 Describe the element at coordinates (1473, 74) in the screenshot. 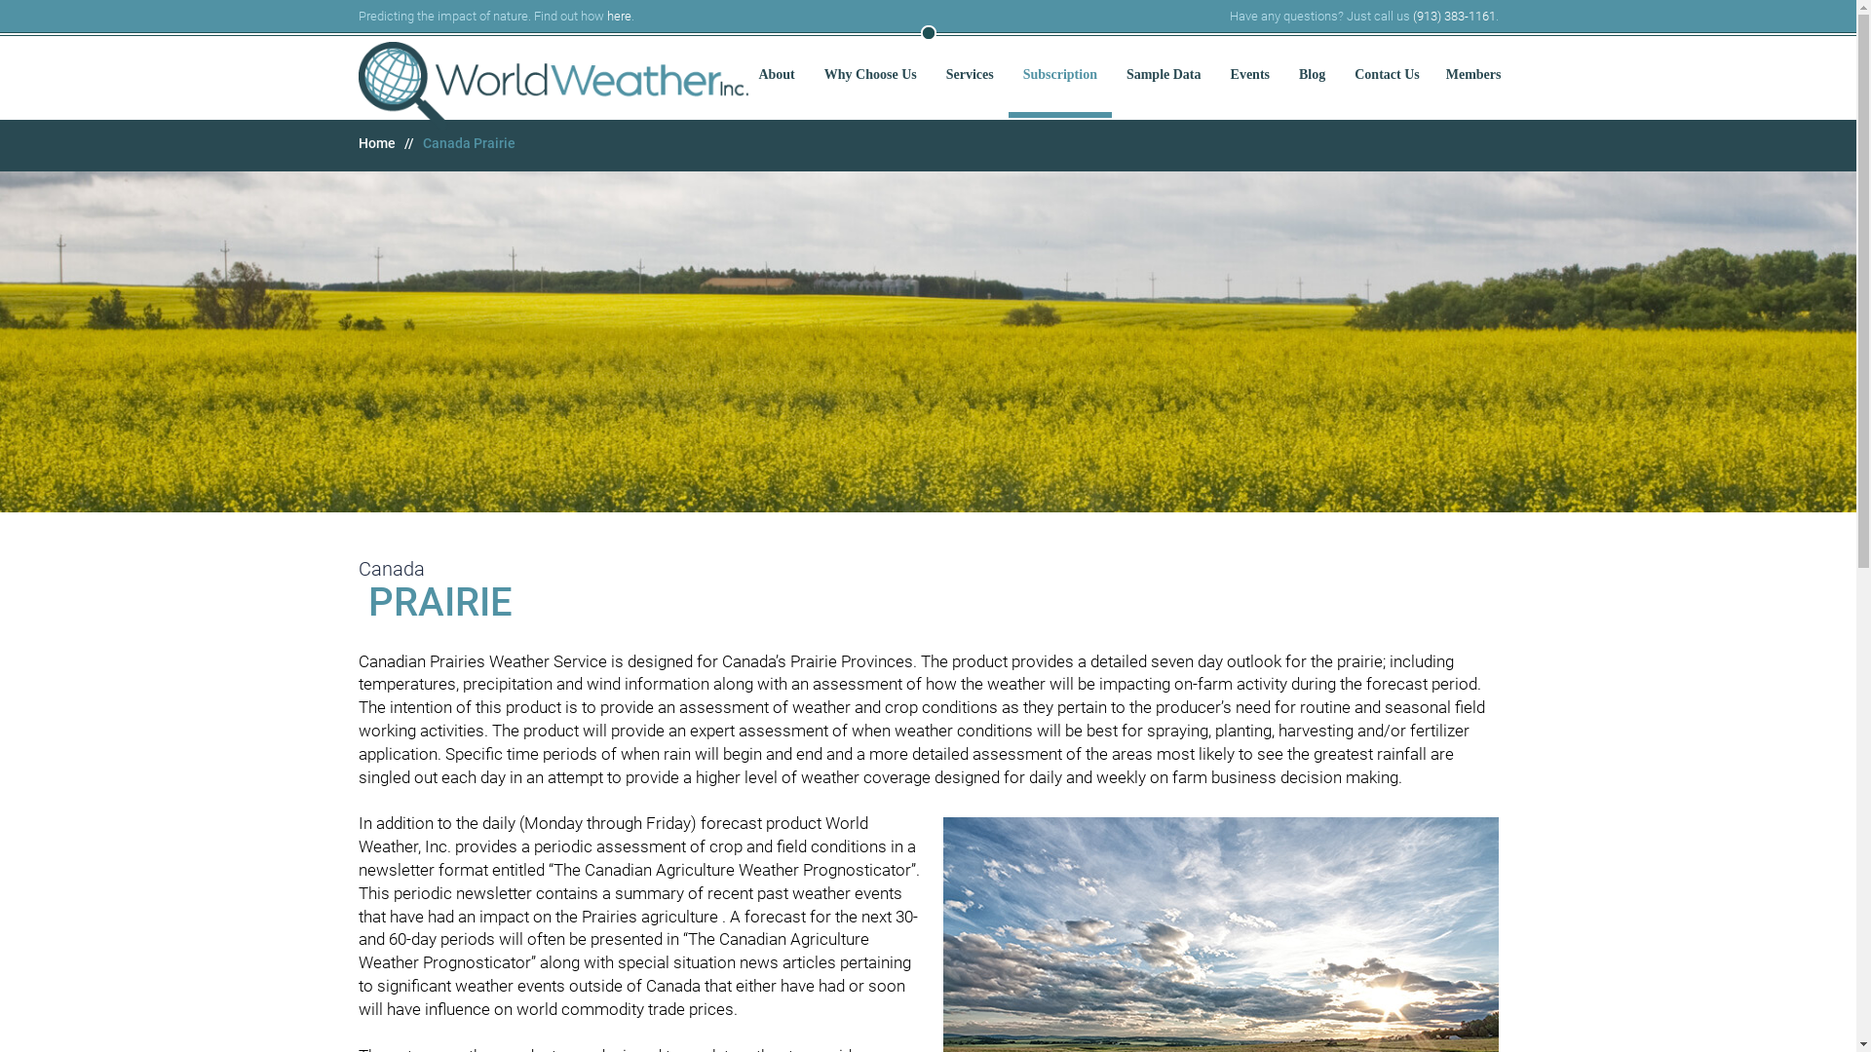

I see `'Members'` at that location.